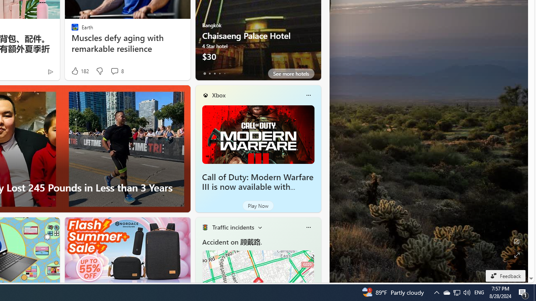  I want to click on 'See more hotels', so click(291, 73).